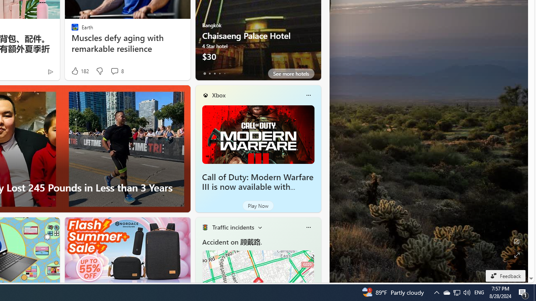  I want to click on 'See more hotels', so click(291, 73).